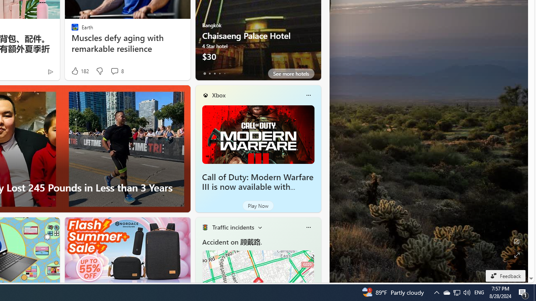  I want to click on 'See more hotels', so click(291, 73).